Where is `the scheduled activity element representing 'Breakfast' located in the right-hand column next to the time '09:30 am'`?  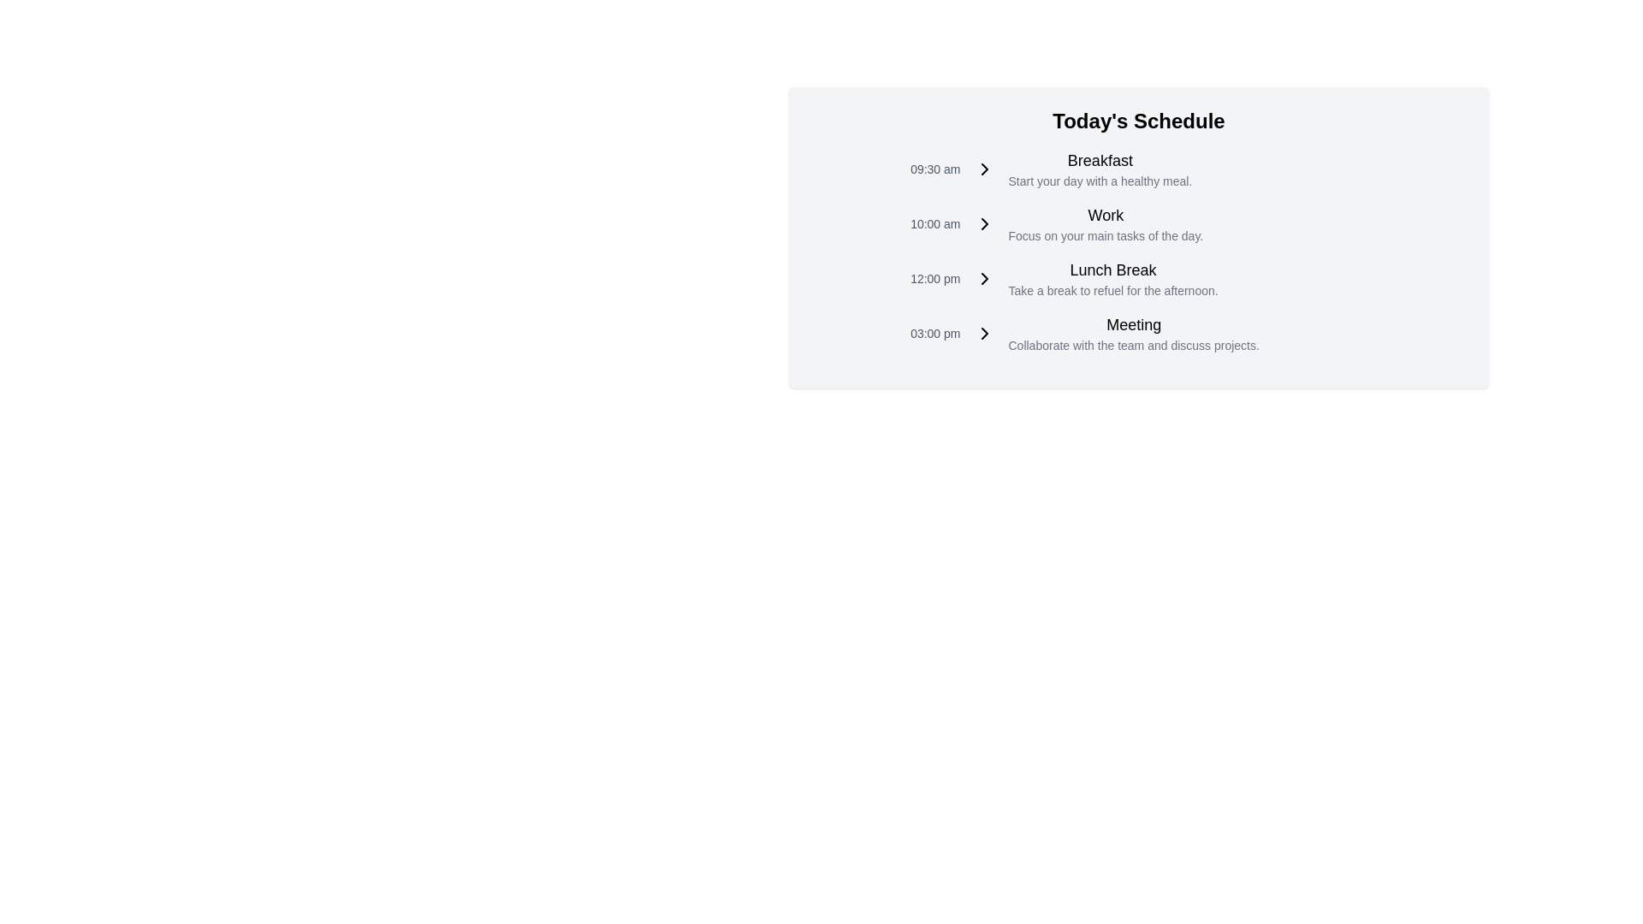
the scheduled activity element representing 'Breakfast' located in the right-hand column next to the time '09:30 am' is located at coordinates (1092, 169).